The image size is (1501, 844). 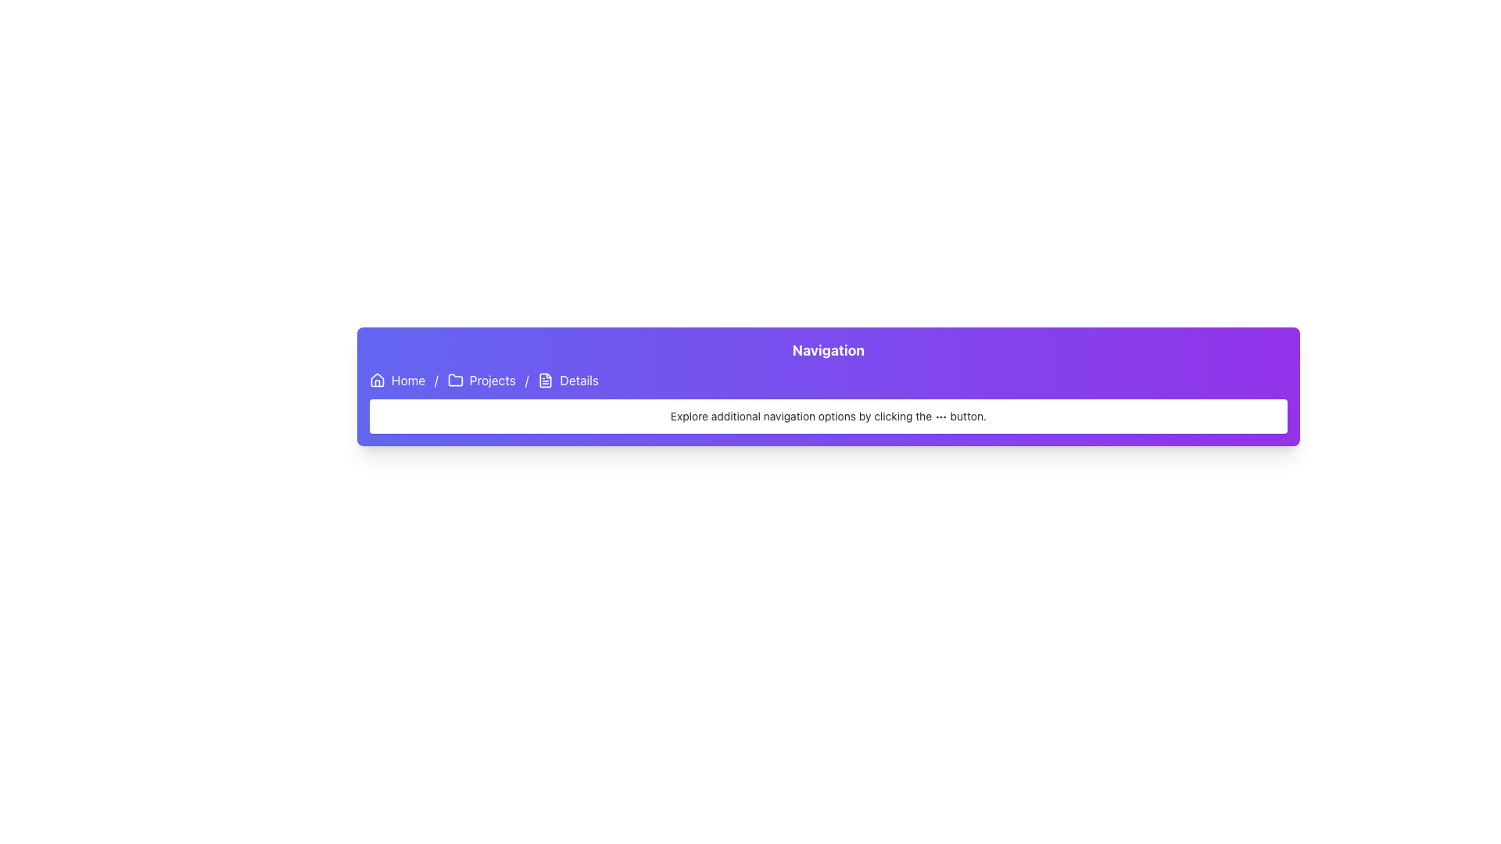 I want to click on the folder icon that represents the 'Projects' section in the navigation bar, so click(x=454, y=380).